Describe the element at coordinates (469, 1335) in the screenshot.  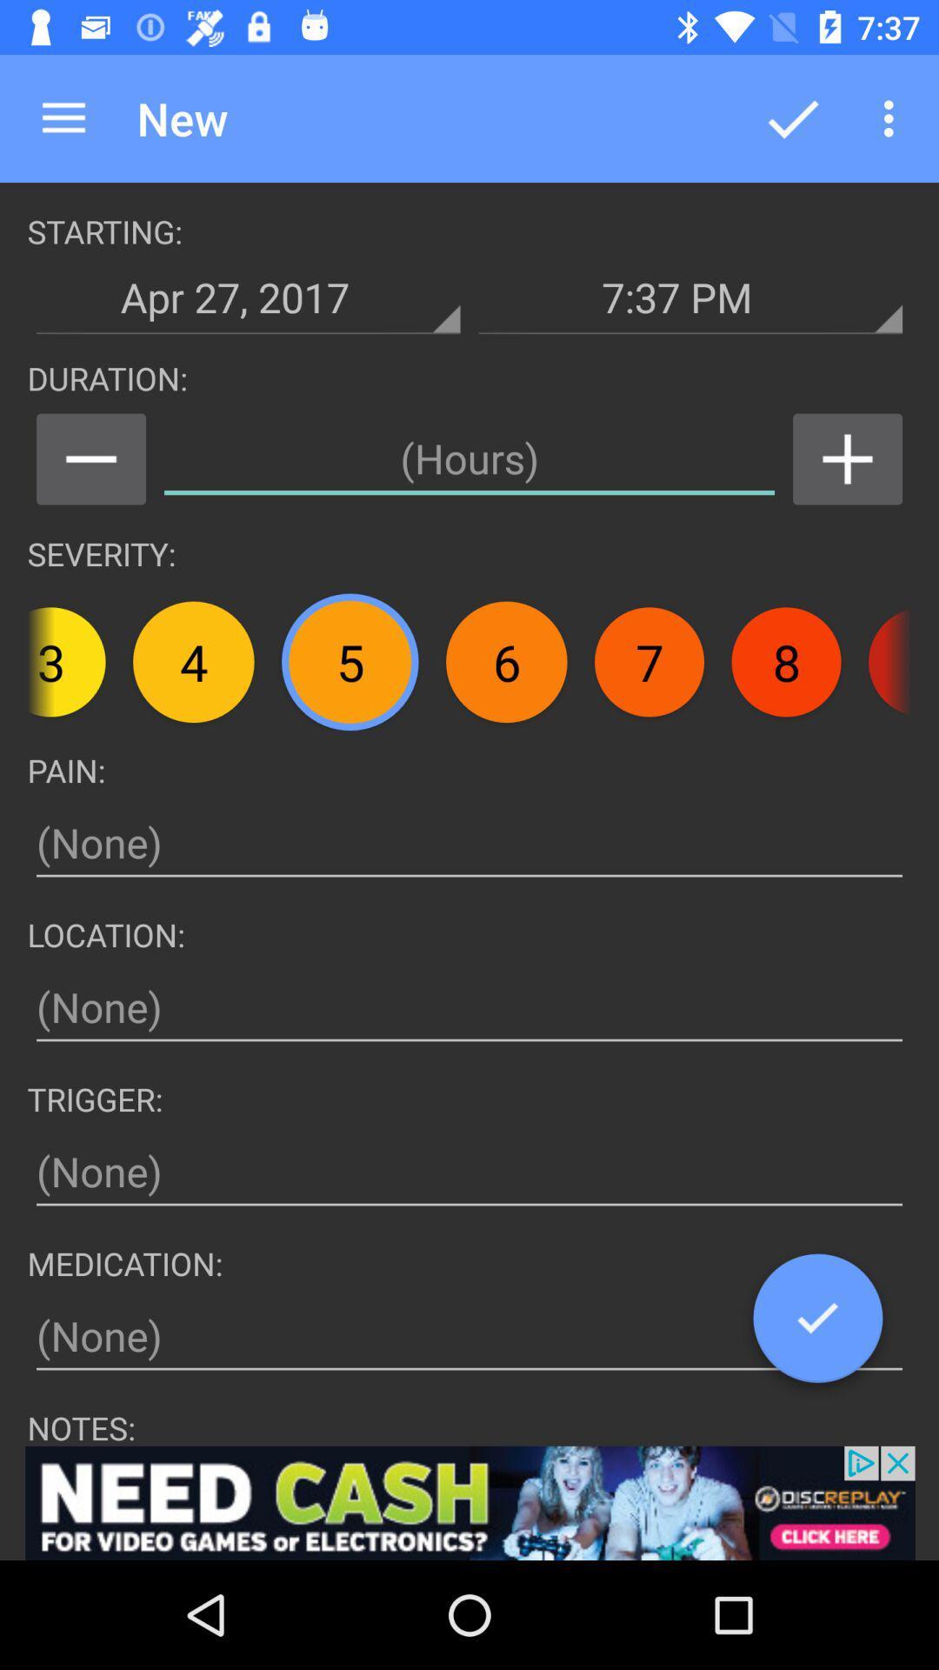
I see `address page` at that location.